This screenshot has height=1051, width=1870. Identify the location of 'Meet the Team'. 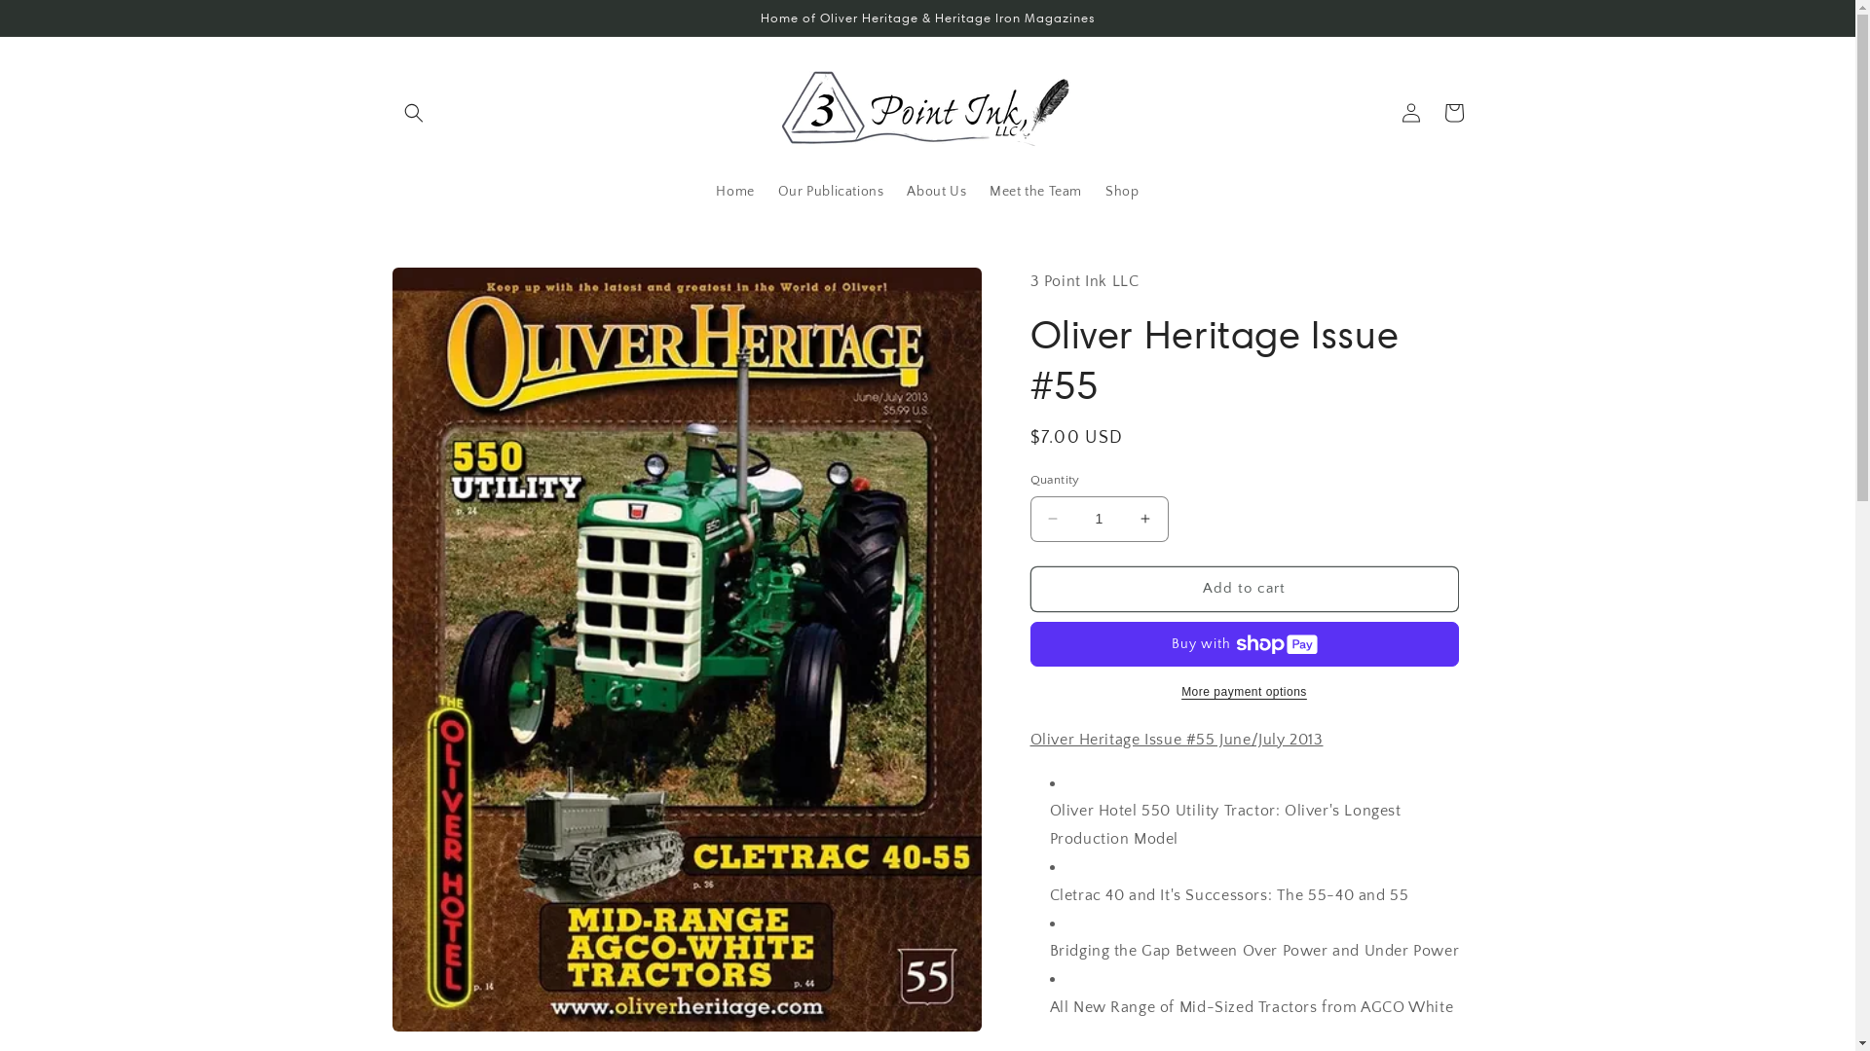
(1034, 191).